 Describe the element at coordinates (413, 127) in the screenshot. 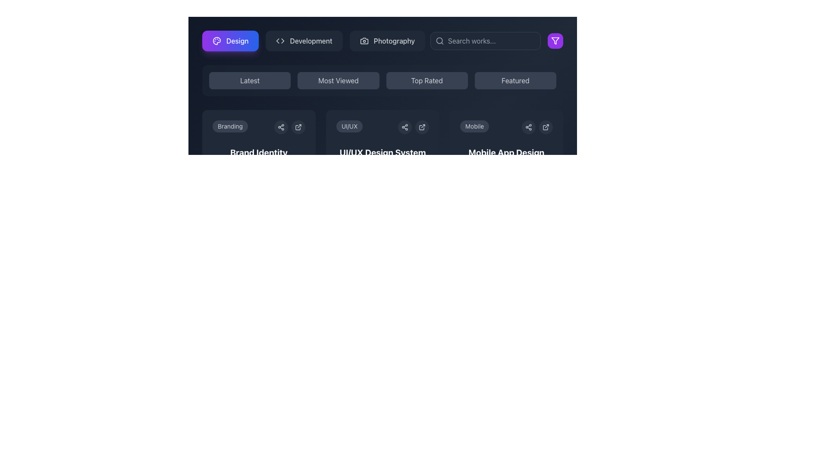

I see `the external link button in the Grouped action buttons located in the 'UI/UX' section, which is the second grouping of action buttons below the section title` at that location.